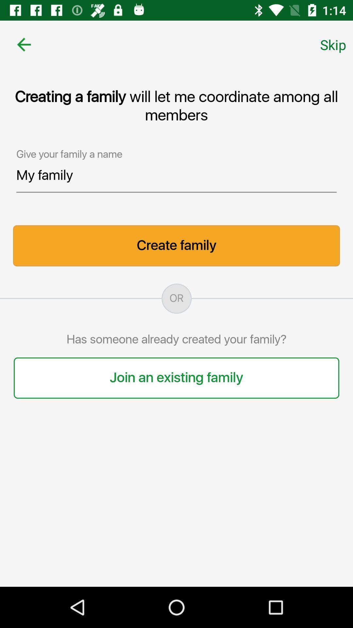  I want to click on item below the my family, so click(176, 245).